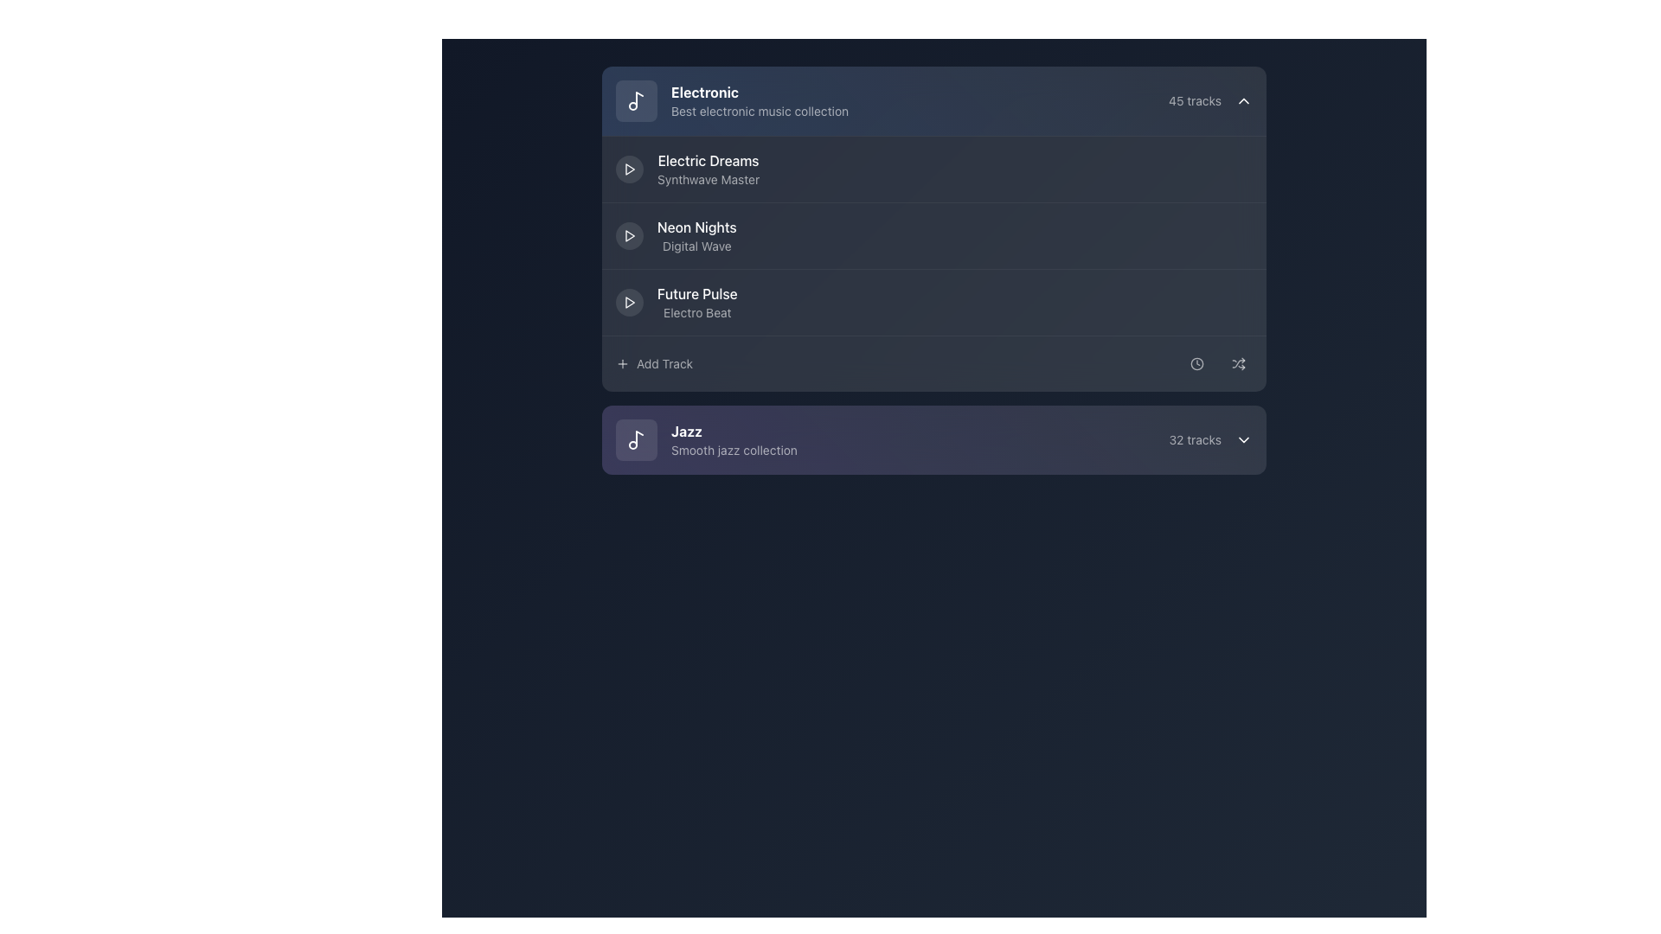  Describe the element at coordinates (1237, 302) in the screenshot. I see `the menu trigger button located in the upper-right corner of the 'Future Pulse' list item to observe its hover effect` at that location.